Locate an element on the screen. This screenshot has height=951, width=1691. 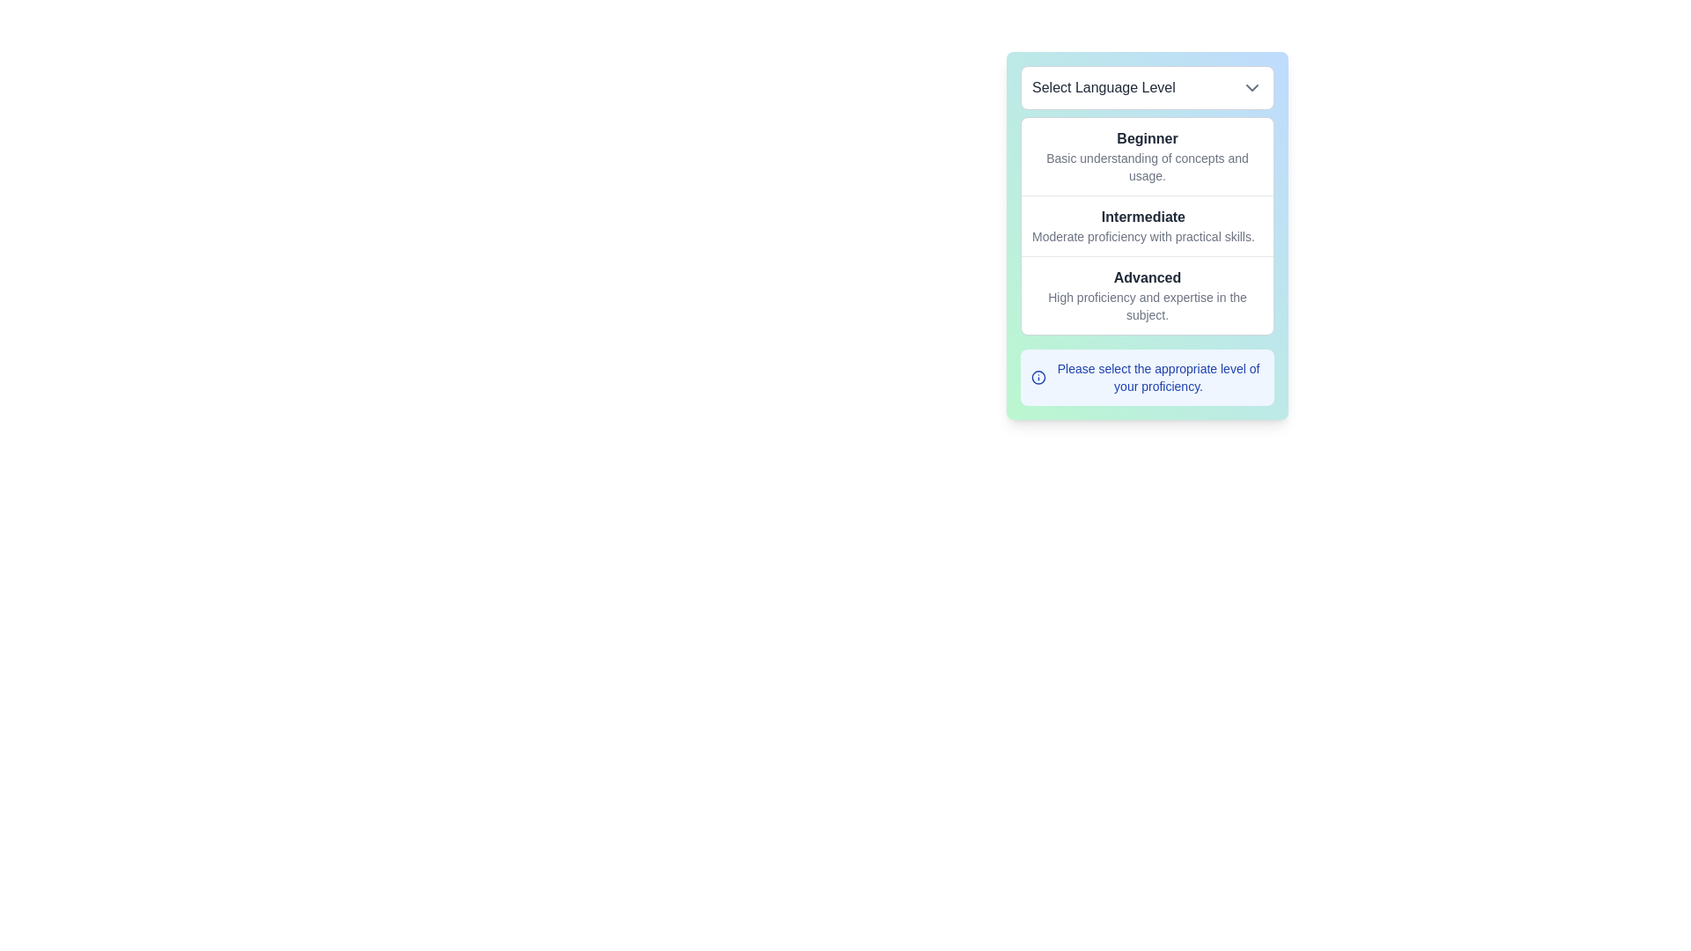
the informational icon located at the beginning of the horizontally arranged group at the bottom of the card to provide additional context or explanation related to the adjacent description is located at coordinates (1038, 376).